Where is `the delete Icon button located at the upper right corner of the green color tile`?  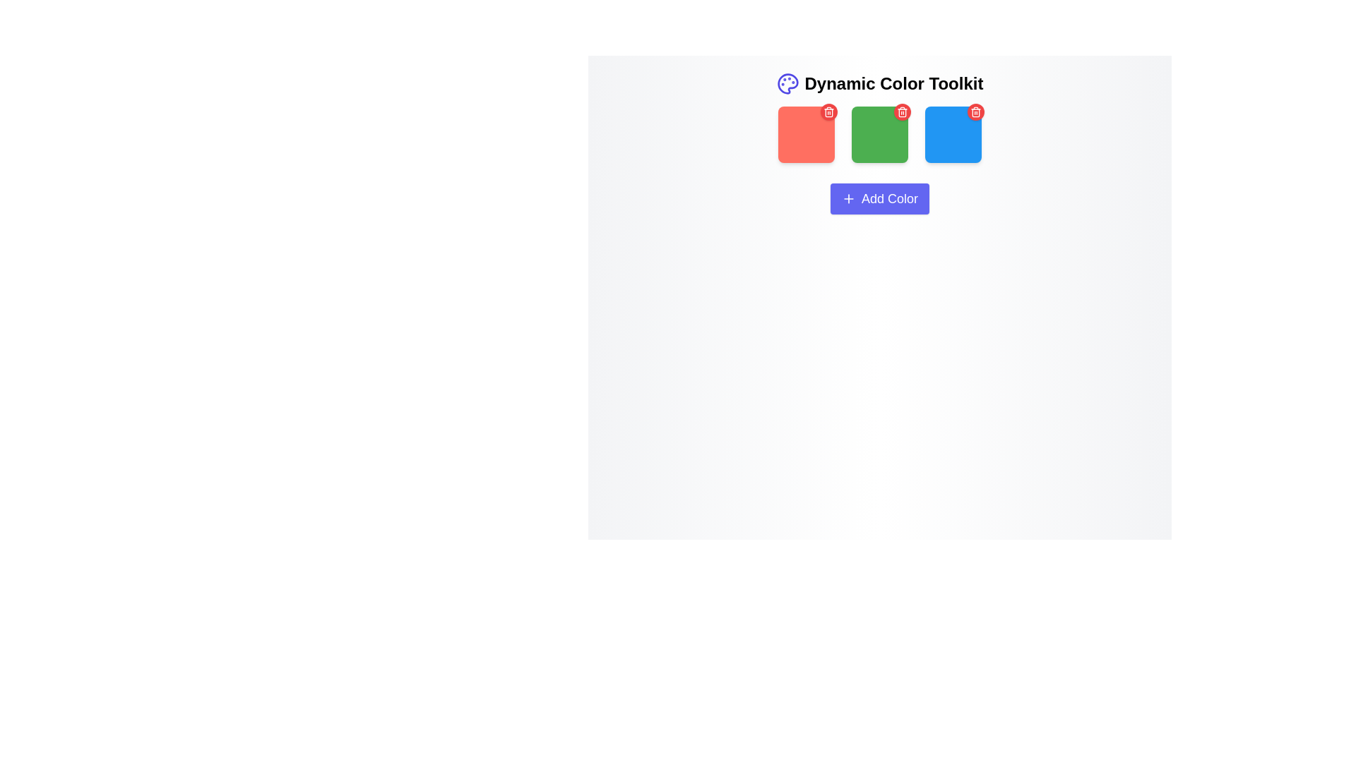
the delete Icon button located at the upper right corner of the green color tile is located at coordinates (901, 111).